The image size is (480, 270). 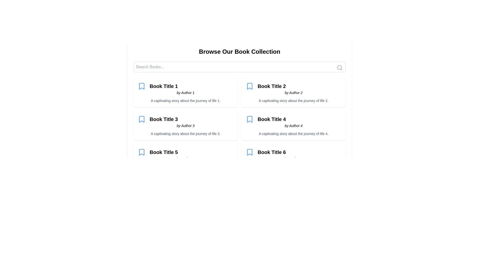 I want to click on the text header displaying 'Browse Our Book Collection', so click(x=239, y=52).